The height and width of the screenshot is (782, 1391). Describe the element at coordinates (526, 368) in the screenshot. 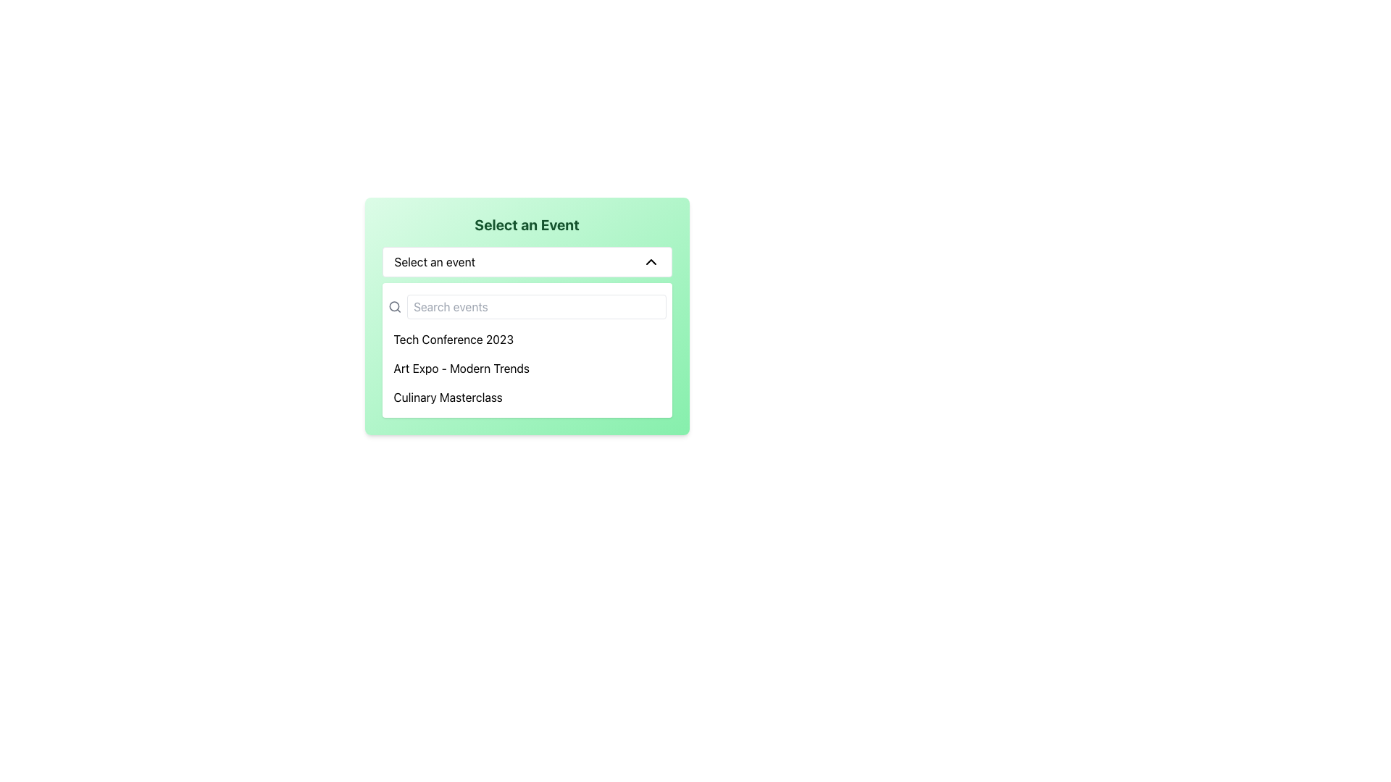

I see `the 'Art Expo - Modern Trends' selectable menu option located under 'Tech Conference 2023' and above 'Culinary Masterclass' in the event selection list` at that location.